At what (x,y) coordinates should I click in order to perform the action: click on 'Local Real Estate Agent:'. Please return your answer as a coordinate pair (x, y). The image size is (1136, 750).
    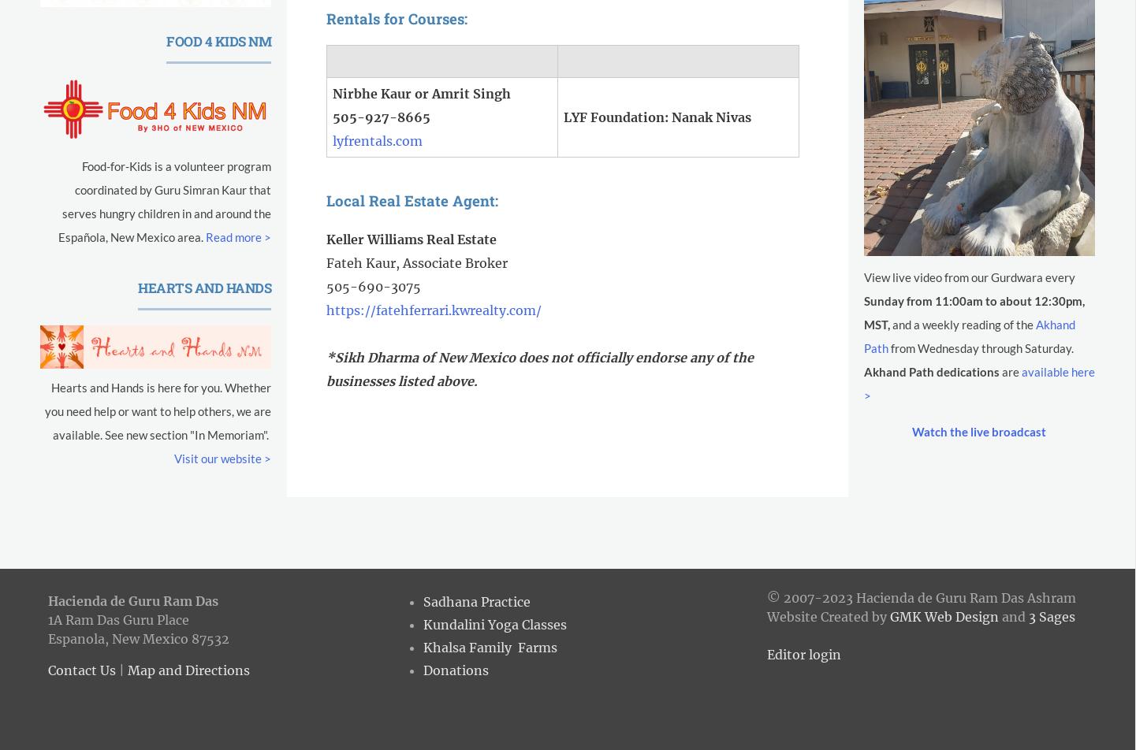
    Looking at the image, I should click on (326, 200).